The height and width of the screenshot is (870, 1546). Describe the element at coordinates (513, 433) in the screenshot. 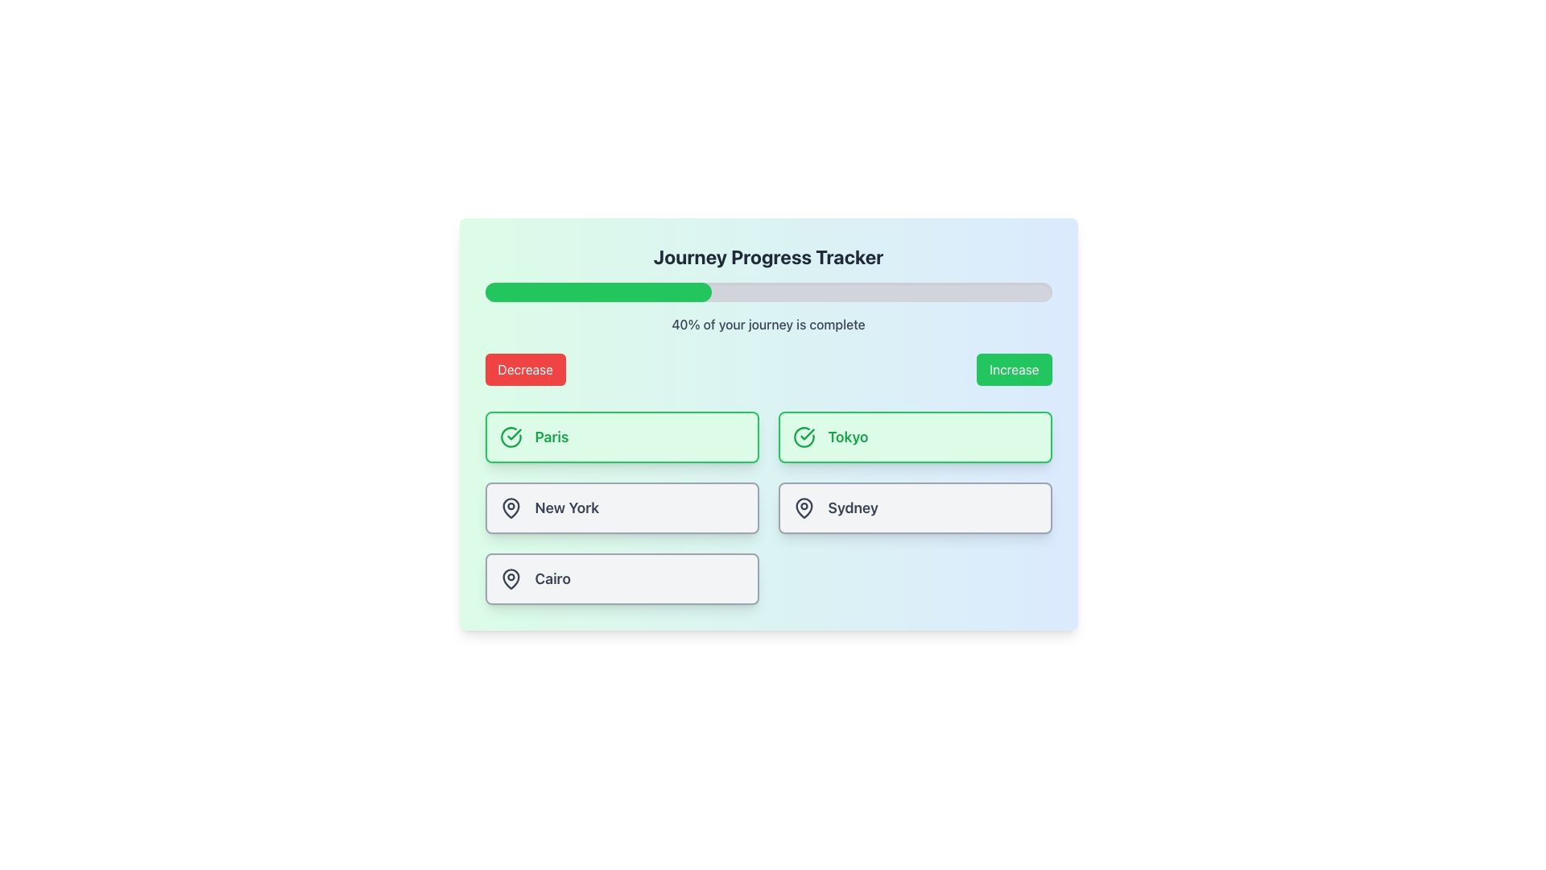

I see `the checkmark icon within the 'Tokyo' button, which indicates the selection or confirmation of the Tokyo option` at that location.